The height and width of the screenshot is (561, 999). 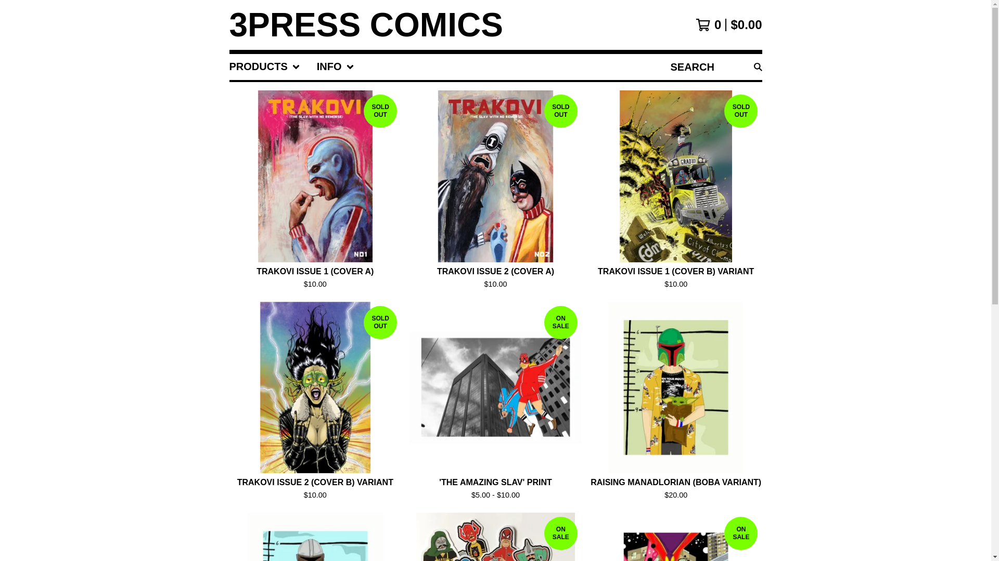 I want to click on '3PRESS COMICS', so click(x=365, y=24).